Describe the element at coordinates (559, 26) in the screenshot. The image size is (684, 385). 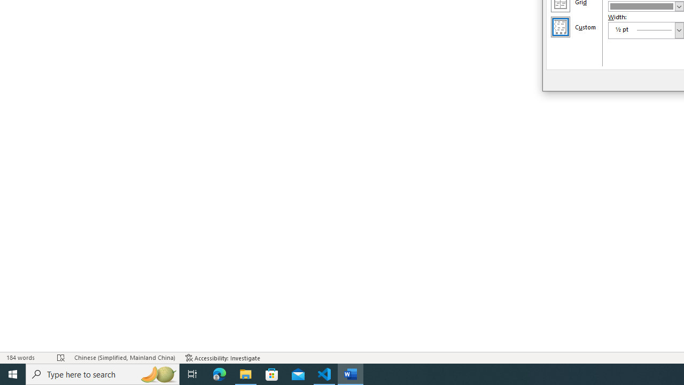
I see `'Custom'` at that location.